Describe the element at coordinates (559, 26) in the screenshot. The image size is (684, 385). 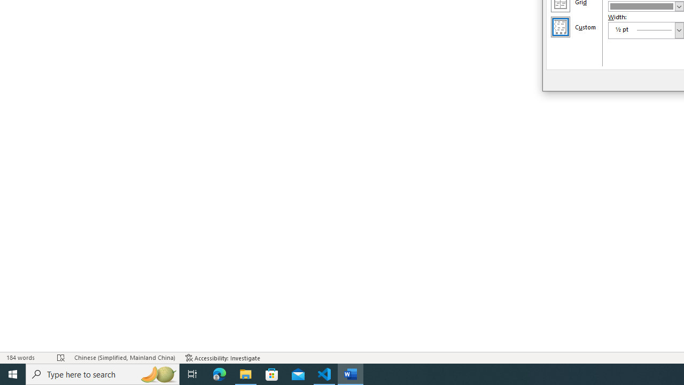
I see `'Custom'` at that location.